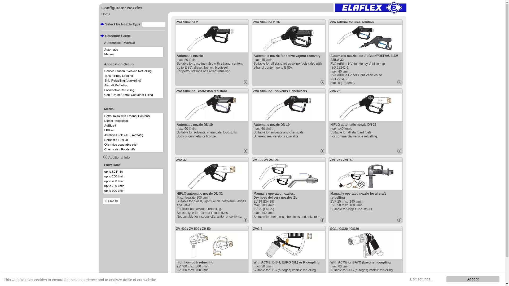 The width and height of the screenshot is (509, 286). Describe the element at coordinates (133, 181) in the screenshot. I see `'up to 400 l/min'` at that location.